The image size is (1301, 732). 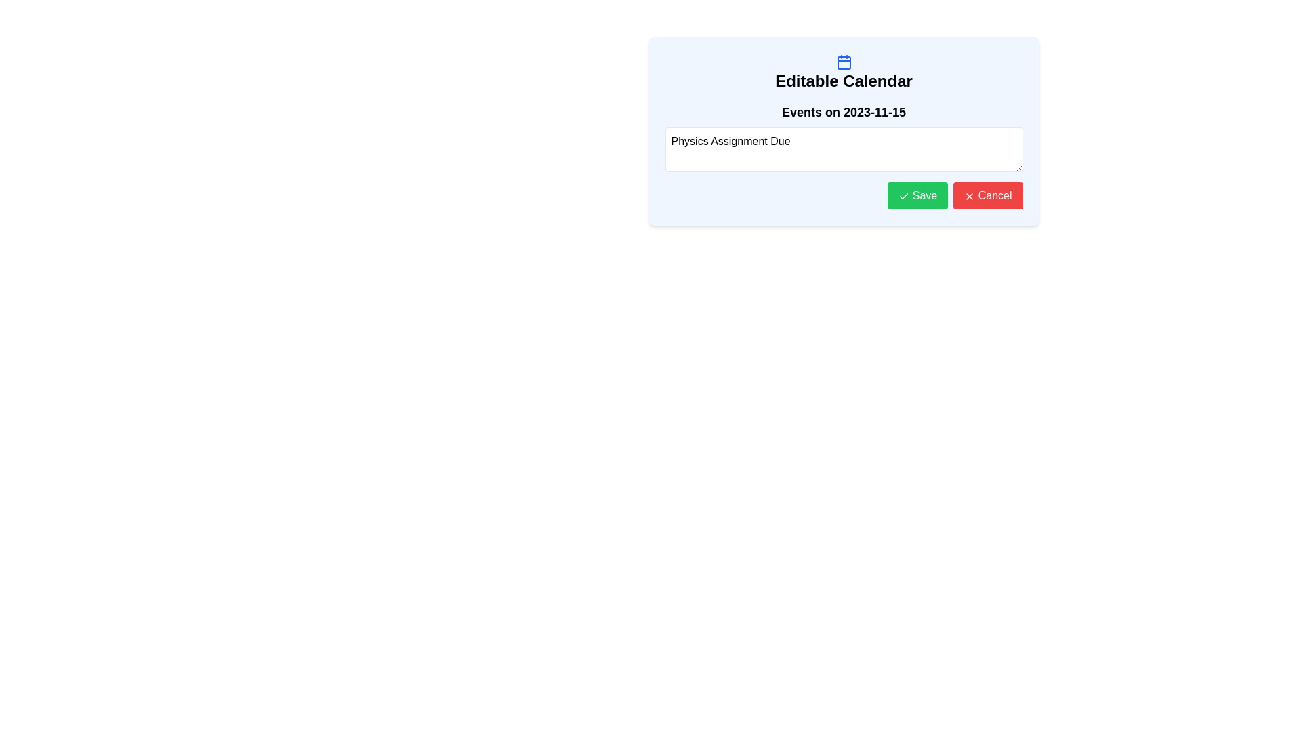 I want to click on the cancel icon located to the left of the 'Cancel' text within the red rectangular button at the bottom right of the popup window, so click(x=969, y=196).